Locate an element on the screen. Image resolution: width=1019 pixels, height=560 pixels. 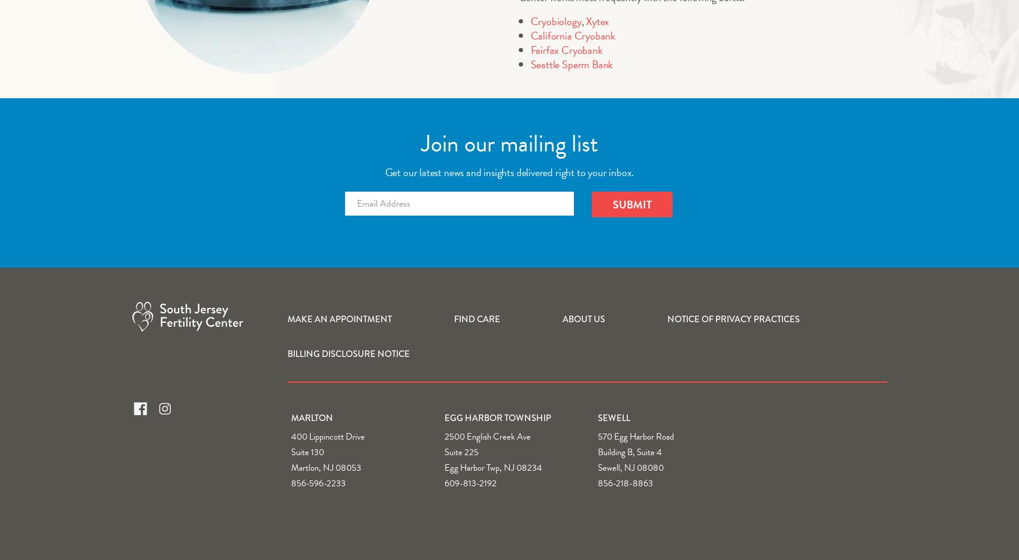
'Martlon, NJ 08053' is located at coordinates (325, 466).